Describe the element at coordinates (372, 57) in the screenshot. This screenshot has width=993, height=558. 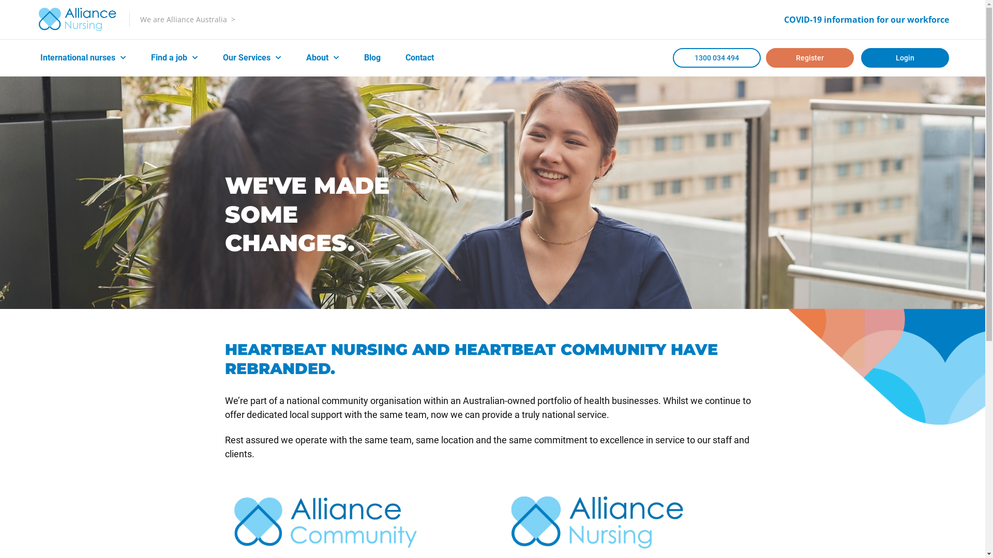
I see `'Blog'` at that location.